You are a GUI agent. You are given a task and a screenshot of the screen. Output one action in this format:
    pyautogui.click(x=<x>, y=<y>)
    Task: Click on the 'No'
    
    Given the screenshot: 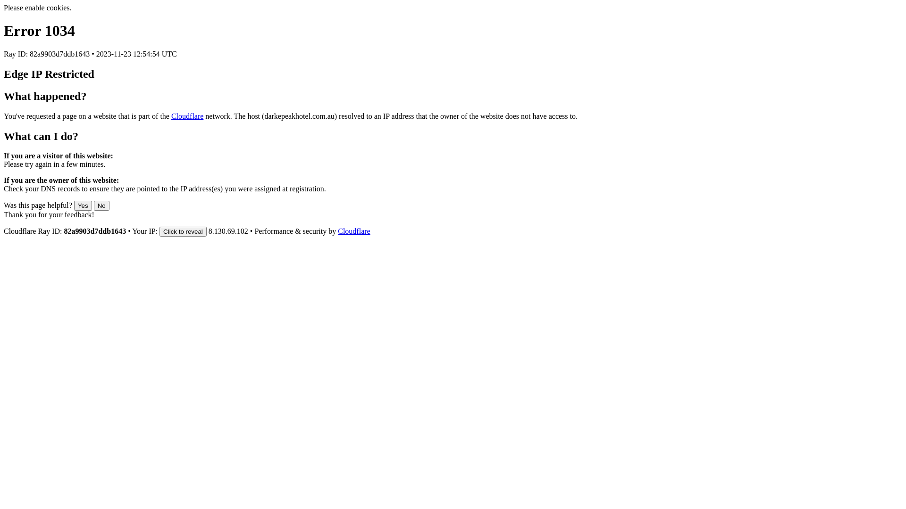 What is the action you would take?
    pyautogui.click(x=101, y=205)
    